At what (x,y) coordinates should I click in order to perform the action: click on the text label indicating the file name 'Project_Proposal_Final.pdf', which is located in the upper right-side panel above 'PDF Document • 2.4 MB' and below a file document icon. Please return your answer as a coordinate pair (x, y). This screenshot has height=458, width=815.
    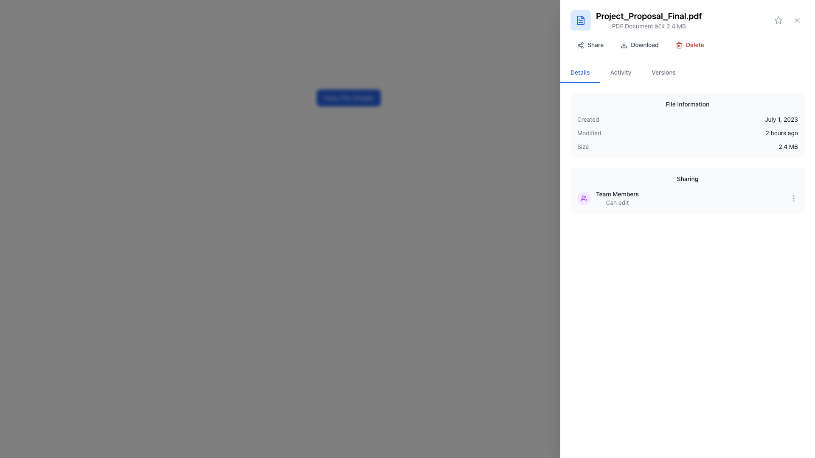
    Looking at the image, I should click on (648, 16).